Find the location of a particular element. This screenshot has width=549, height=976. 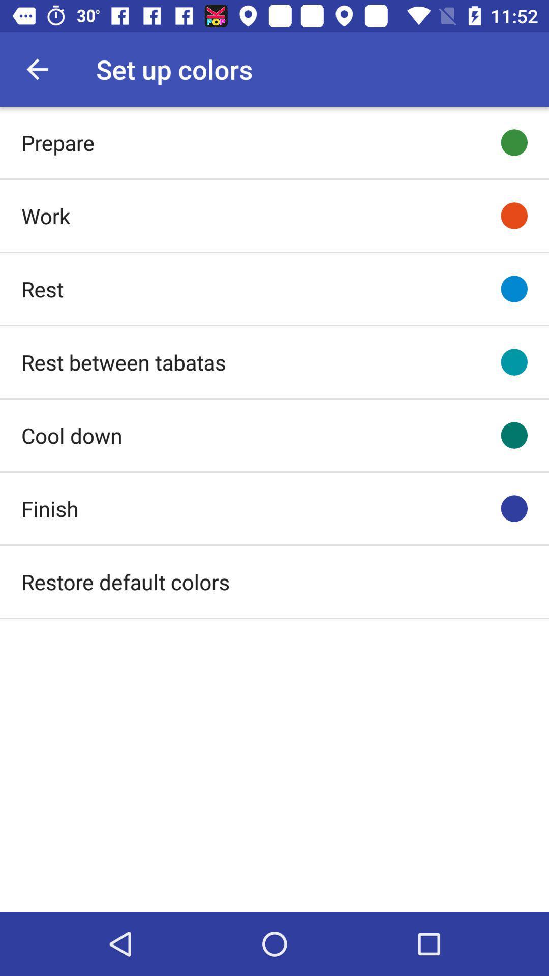

item to the right of the rest is located at coordinates (514, 288).